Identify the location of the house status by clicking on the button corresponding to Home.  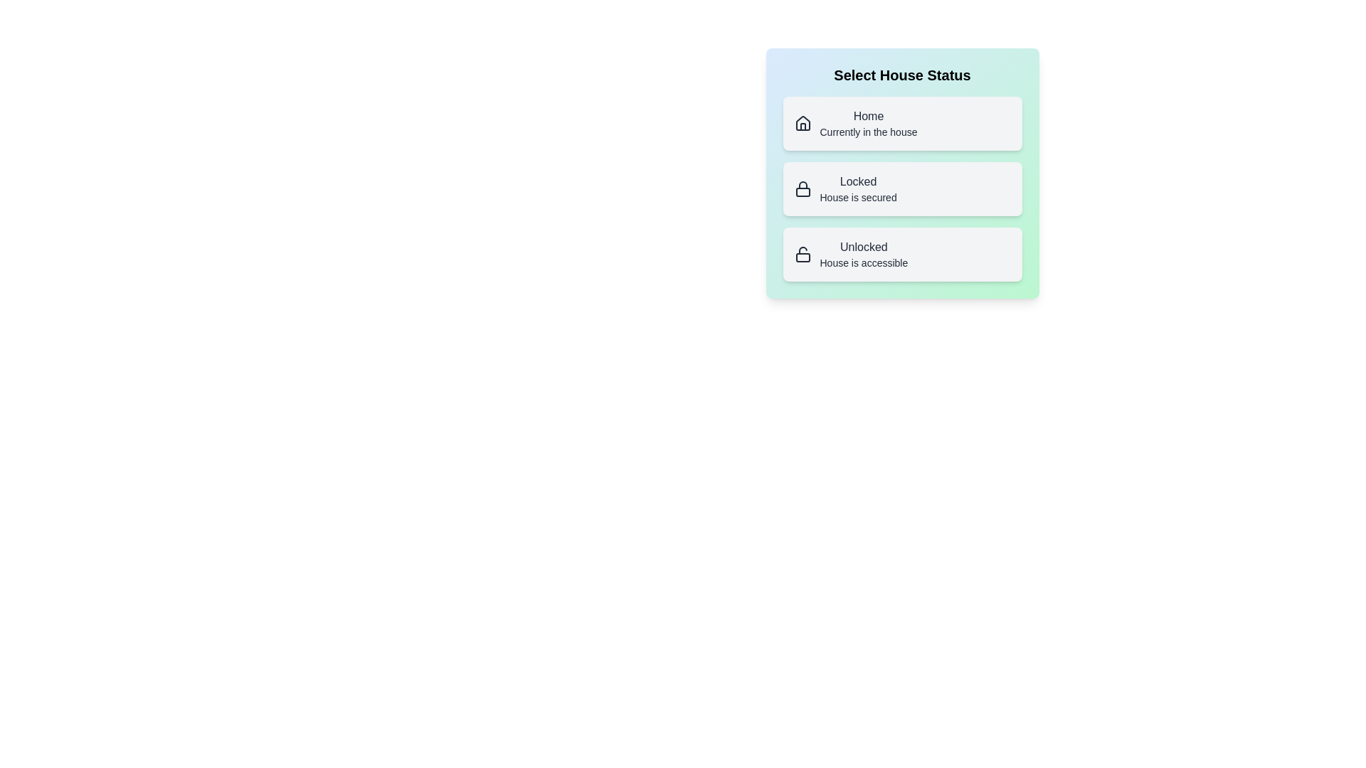
(901, 122).